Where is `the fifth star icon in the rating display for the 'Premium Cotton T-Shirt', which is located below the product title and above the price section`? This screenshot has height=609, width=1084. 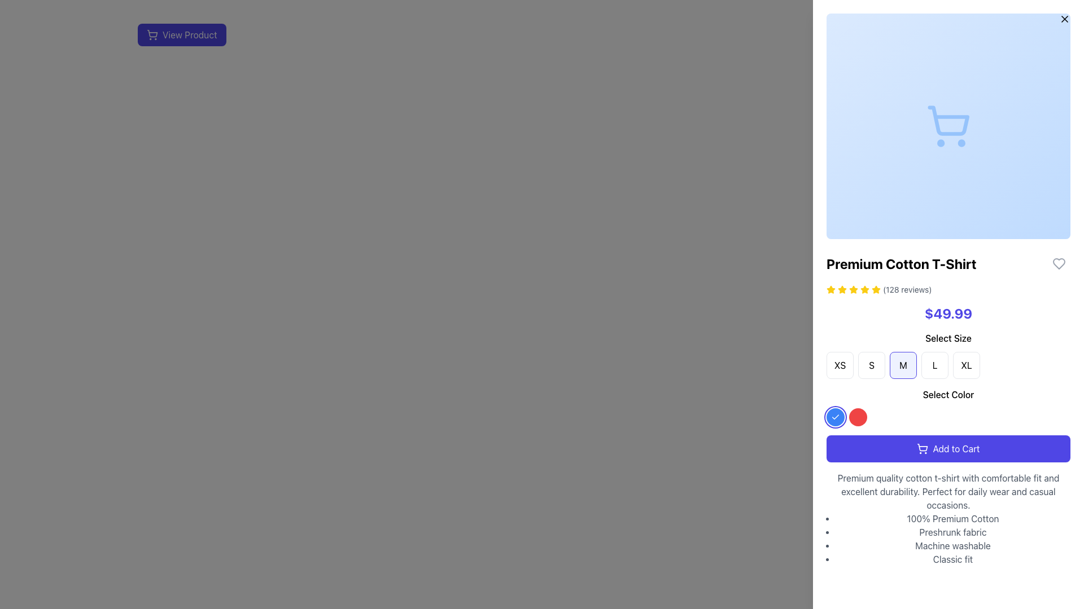
the fifth star icon in the rating display for the 'Premium Cotton T-Shirt', which is located below the product title and above the price section is located at coordinates (854, 289).